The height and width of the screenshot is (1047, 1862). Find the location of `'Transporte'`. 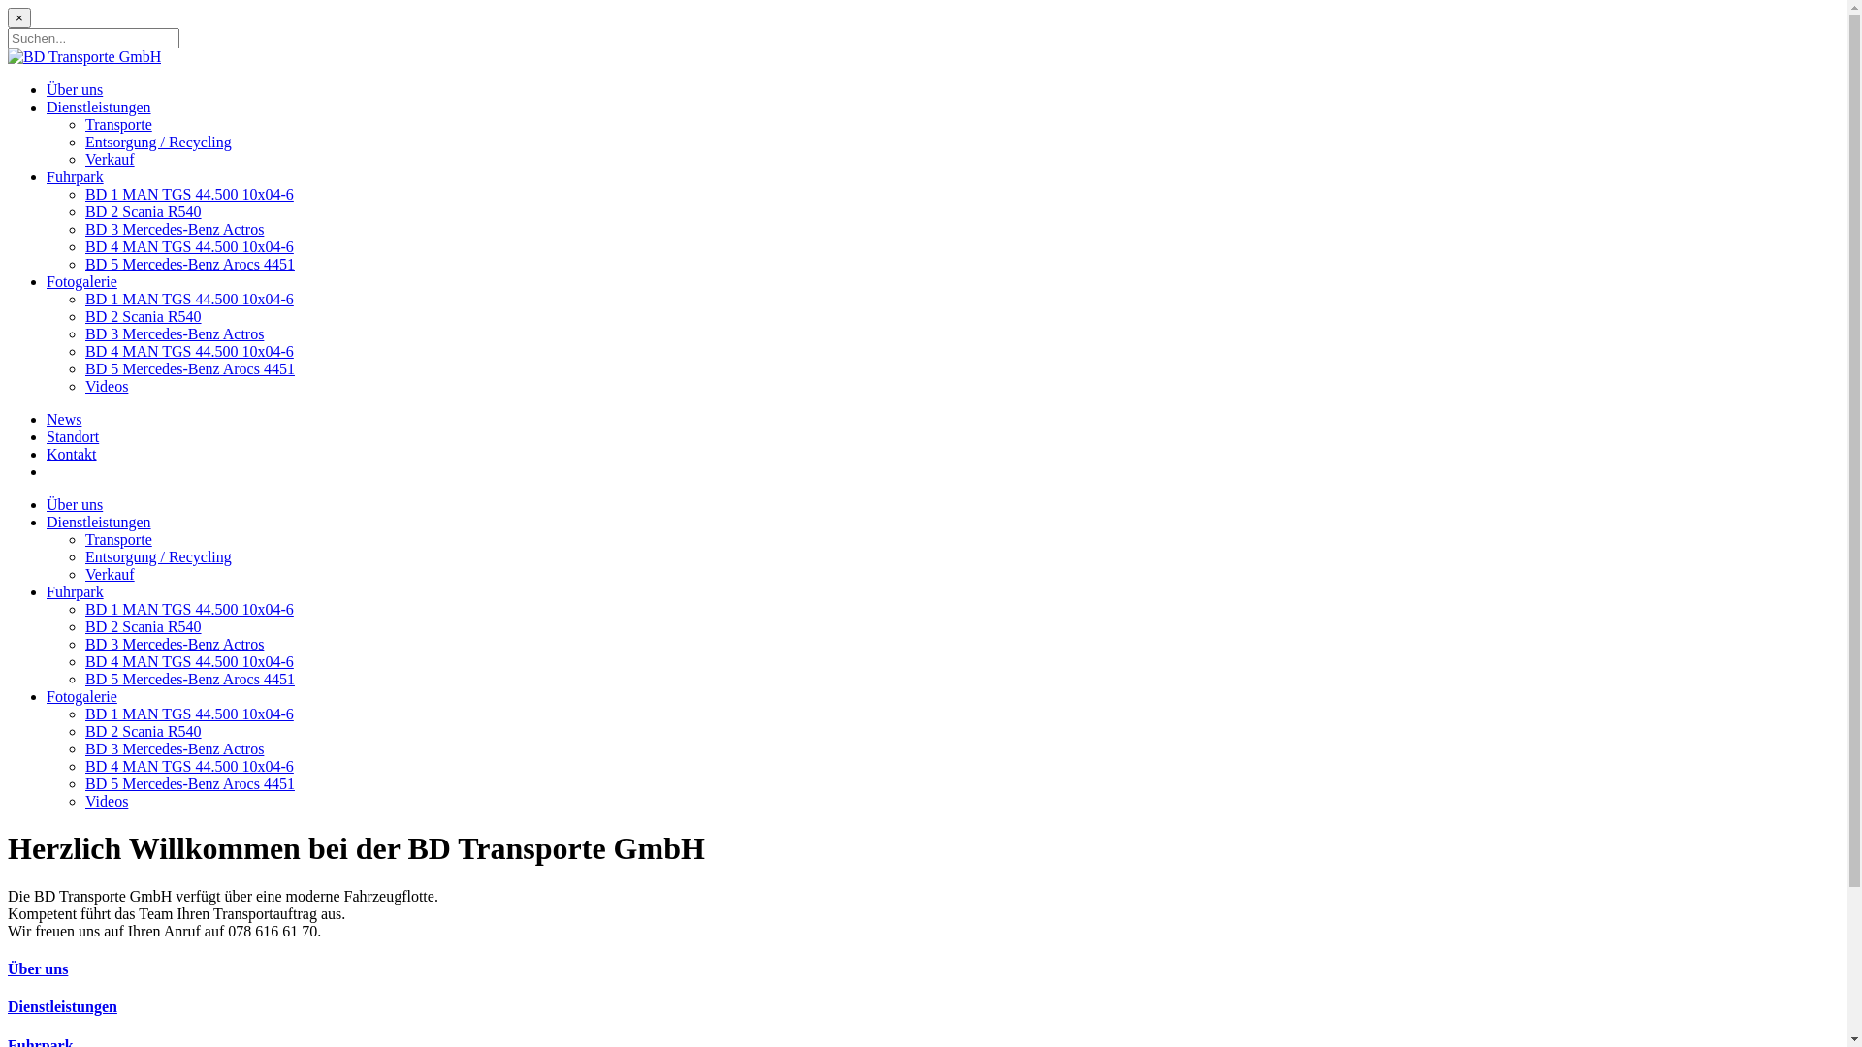

'Transporte' is located at coordinates (117, 124).